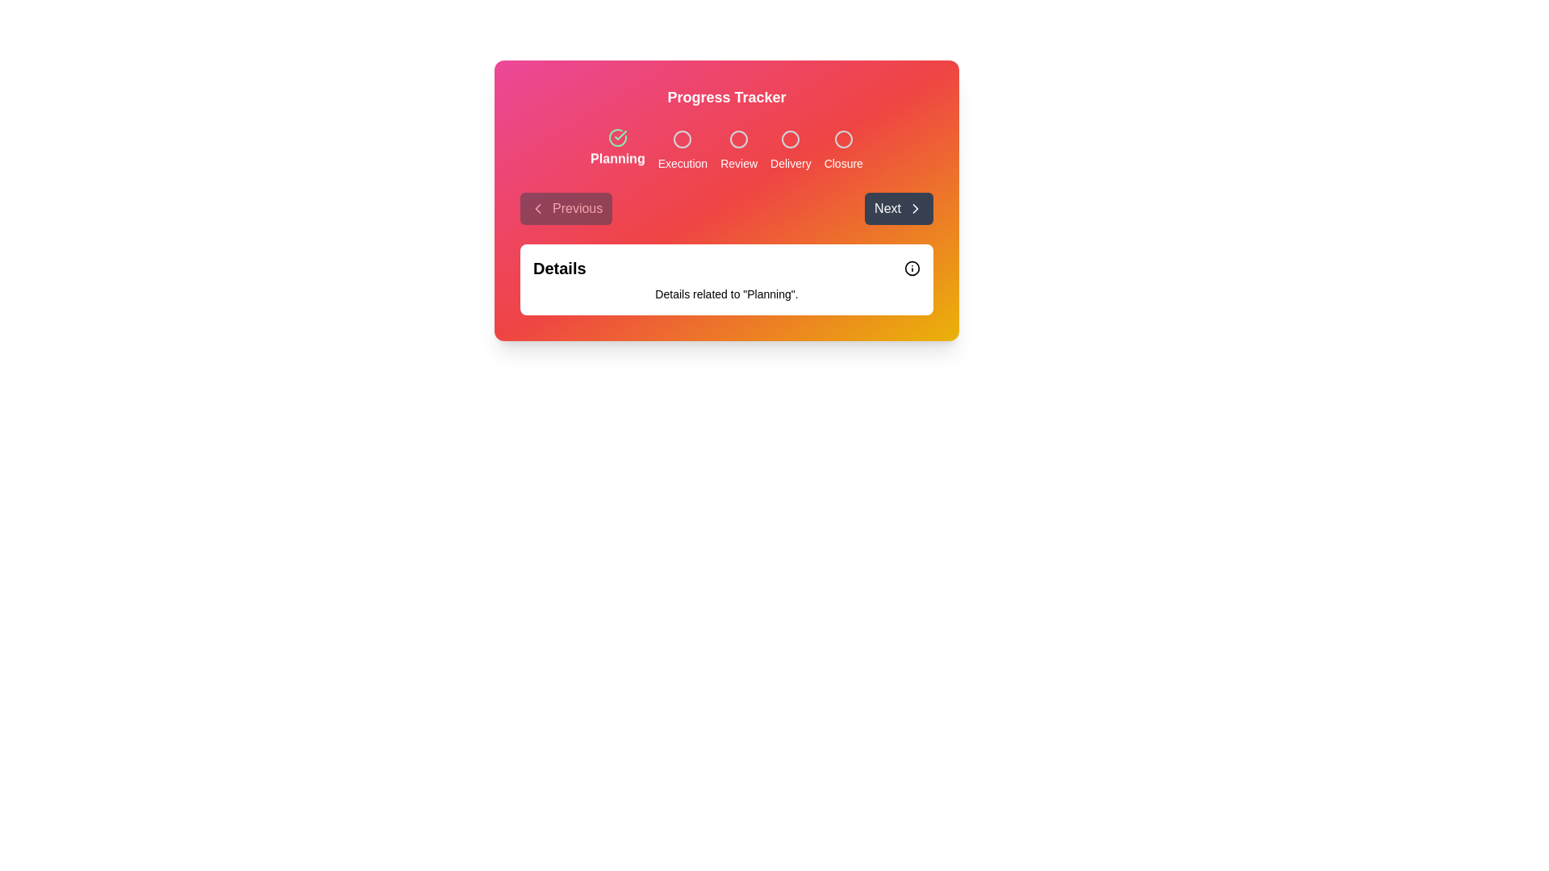 This screenshot has height=871, width=1549. What do you see at coordinates (559, 267) in the screenshot?
I see `the header or title label located at the top-left corner of a white rectangular section, which serves as the context for the information displayed below it` at bounding box center [559, 267].